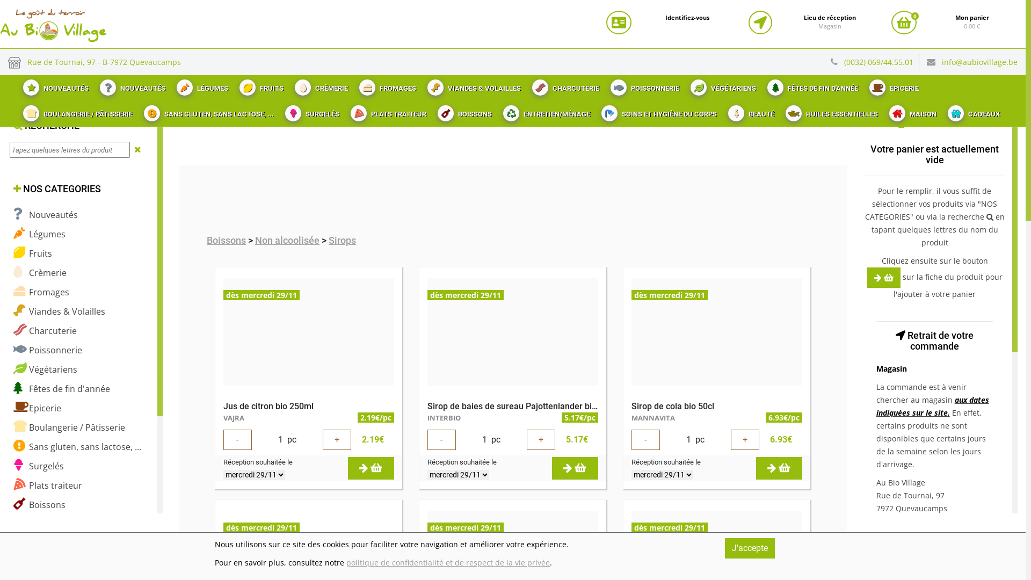 This screenshot has height=580, width=1031. I want to click on 'MAISON', so click(882, 111).